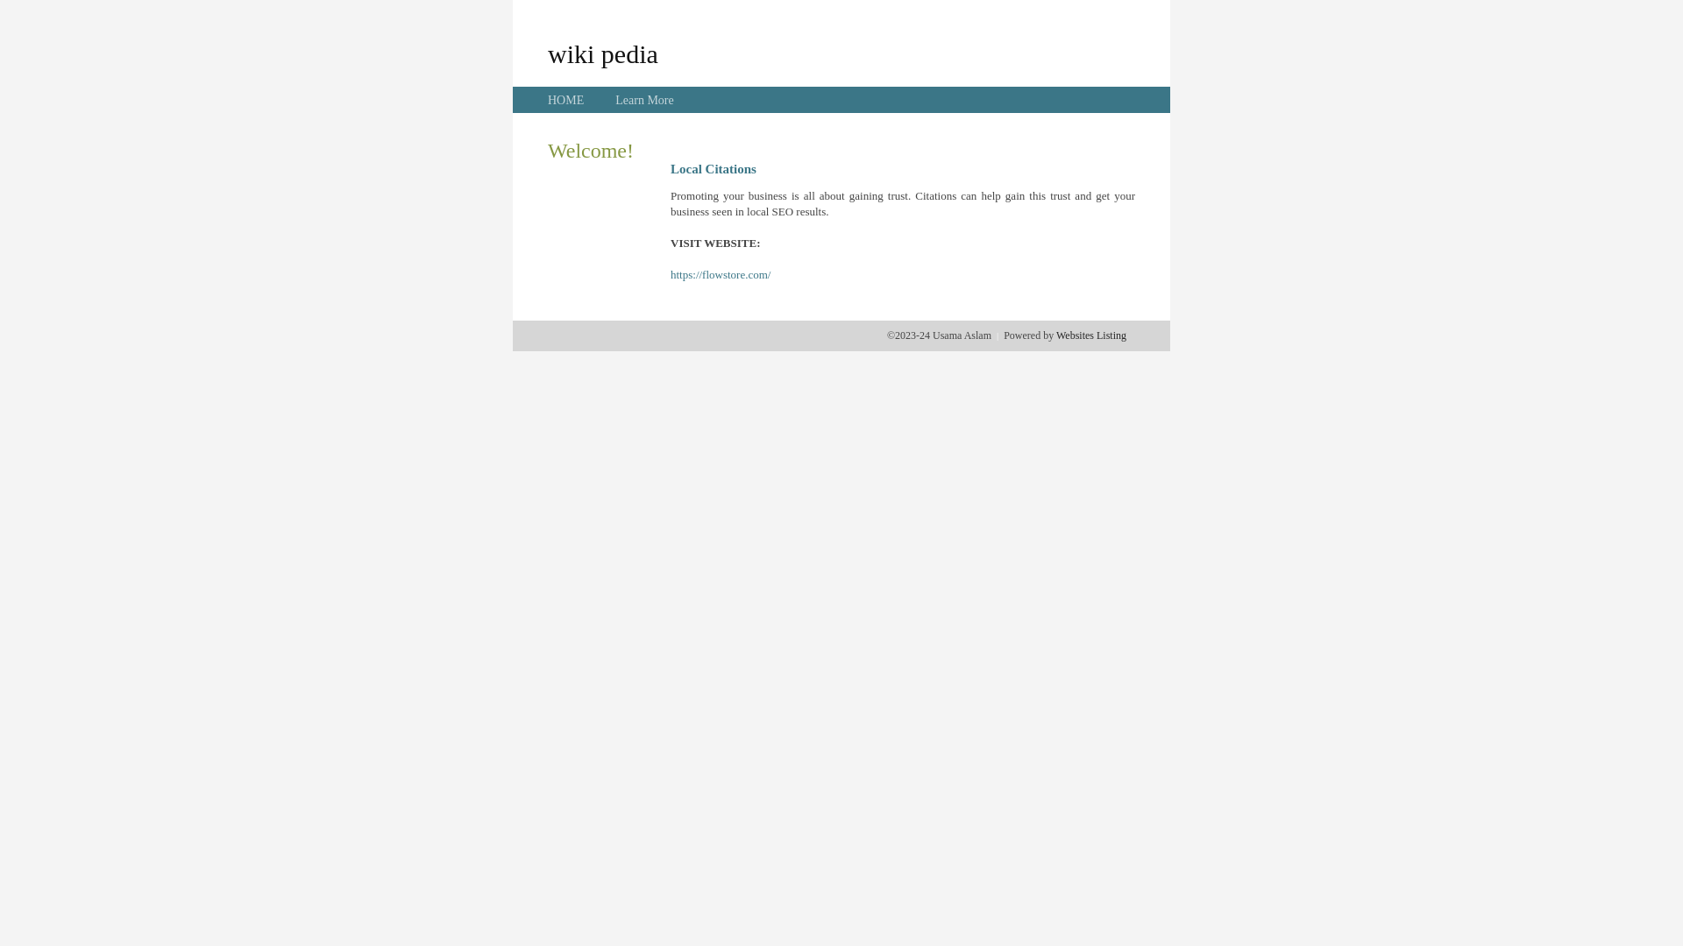 The image size is (1683, 946). Describe the element at coordinates (1090, 335) in the screenshot. I see `'Websites Listing'` at that location.